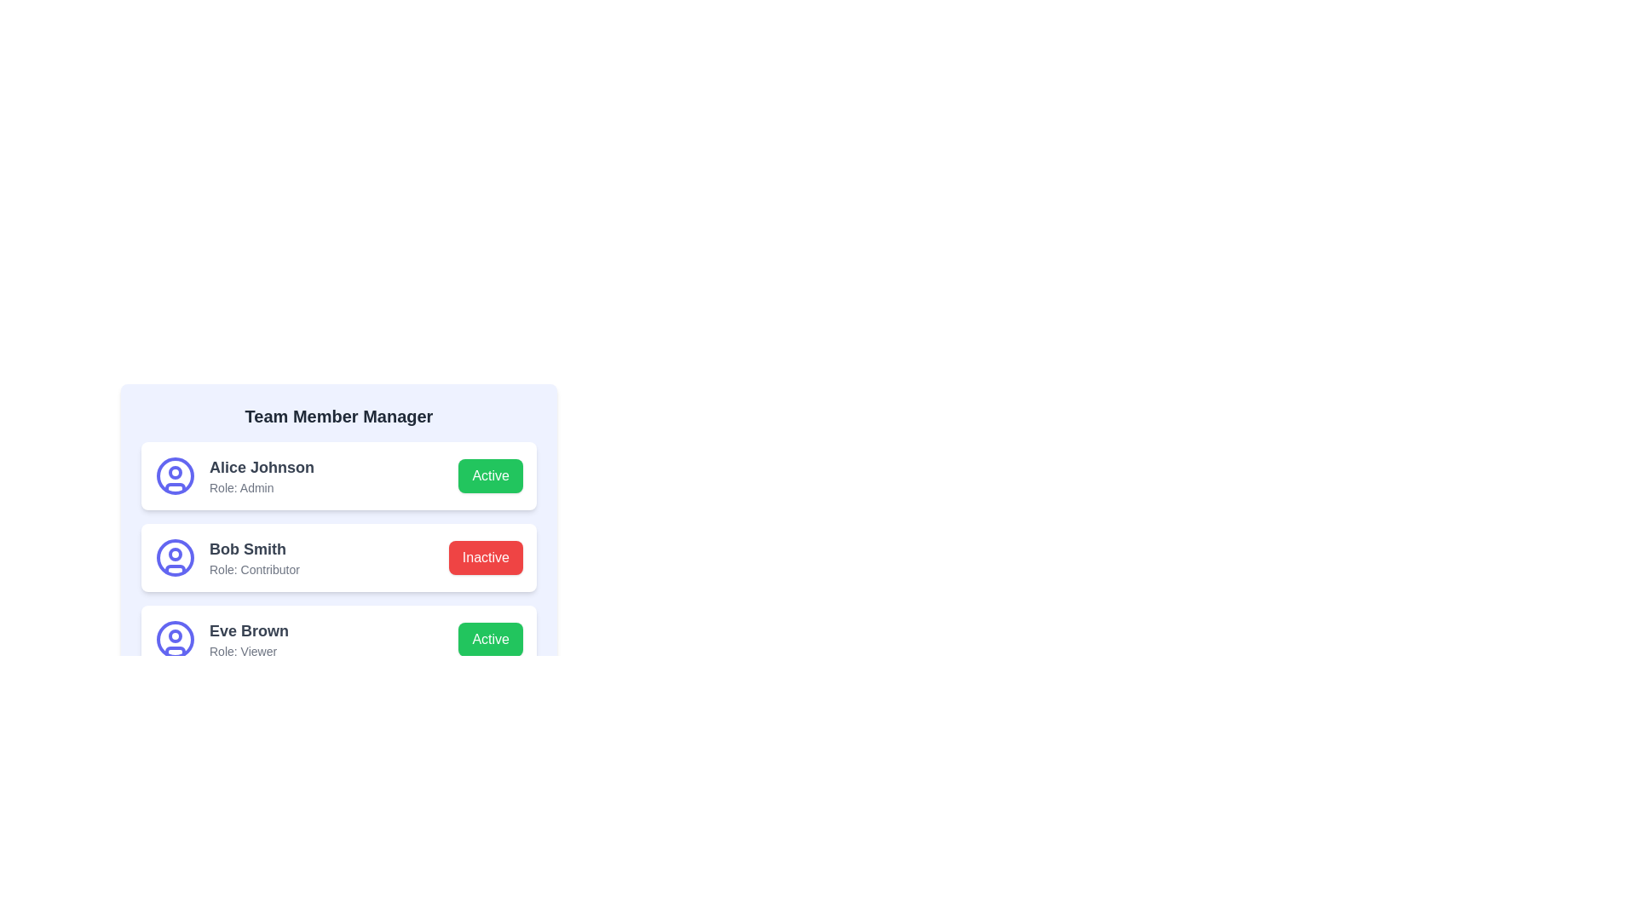 This screenshot has height=920, width=1636. Describe the element at coordinates (253, 549) in the screenshot. I see `the Text Label displaying the name 'Bob Smith' styled in bold, large font, located in the list of team members as the second entry` at that location.